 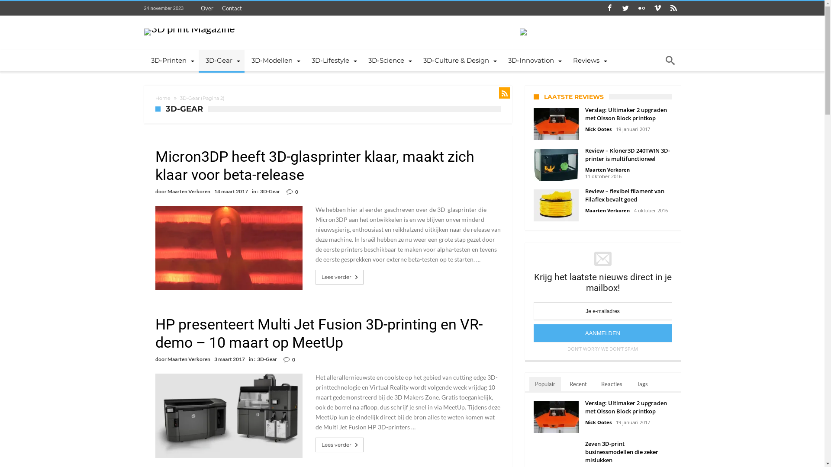 I want to click on '3D-Gear', so click(x=221, y=60).